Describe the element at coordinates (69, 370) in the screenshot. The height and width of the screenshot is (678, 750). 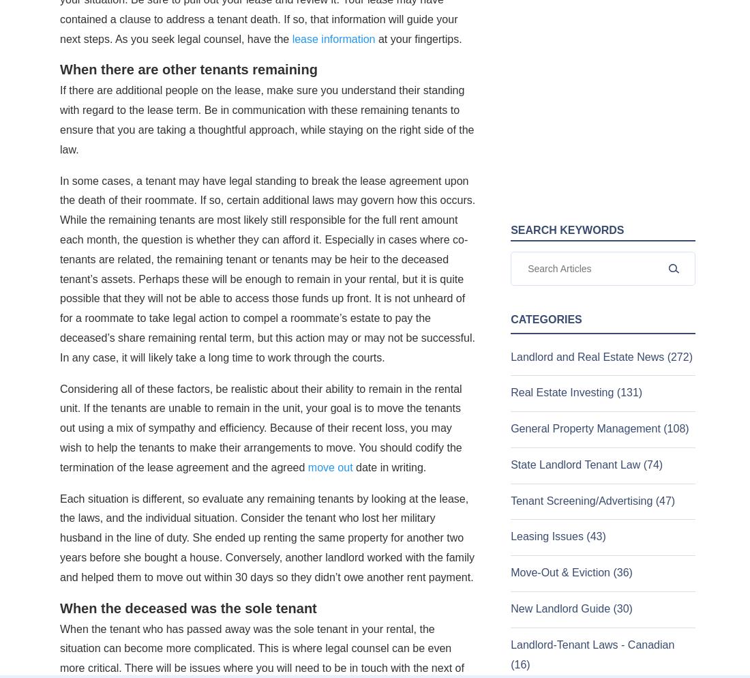
I see `'Comments'` at that location.